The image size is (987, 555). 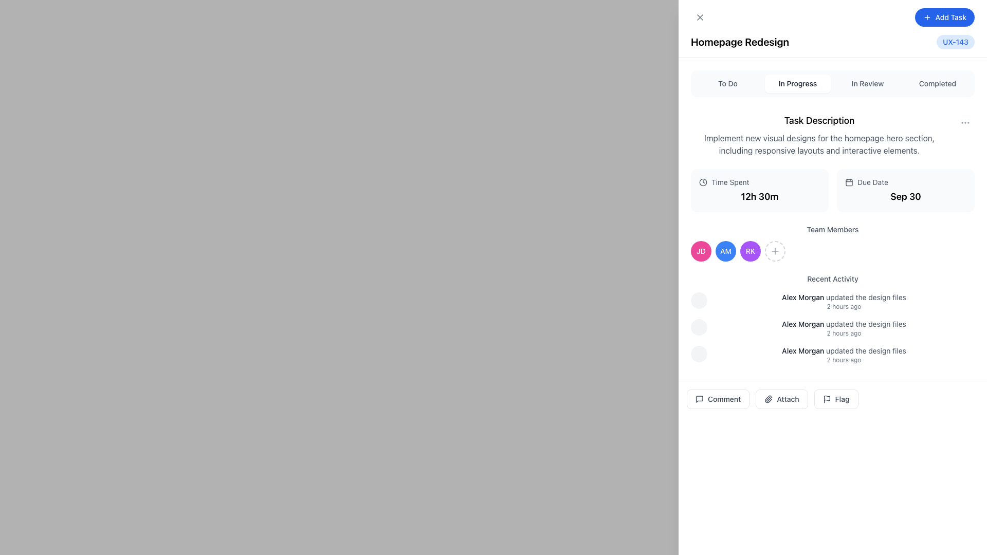 I want to click on the flag button located in the lower horizontal row of buttons, positioned to the right of 'Attach', to flag the content, so click(x=836, y=398).